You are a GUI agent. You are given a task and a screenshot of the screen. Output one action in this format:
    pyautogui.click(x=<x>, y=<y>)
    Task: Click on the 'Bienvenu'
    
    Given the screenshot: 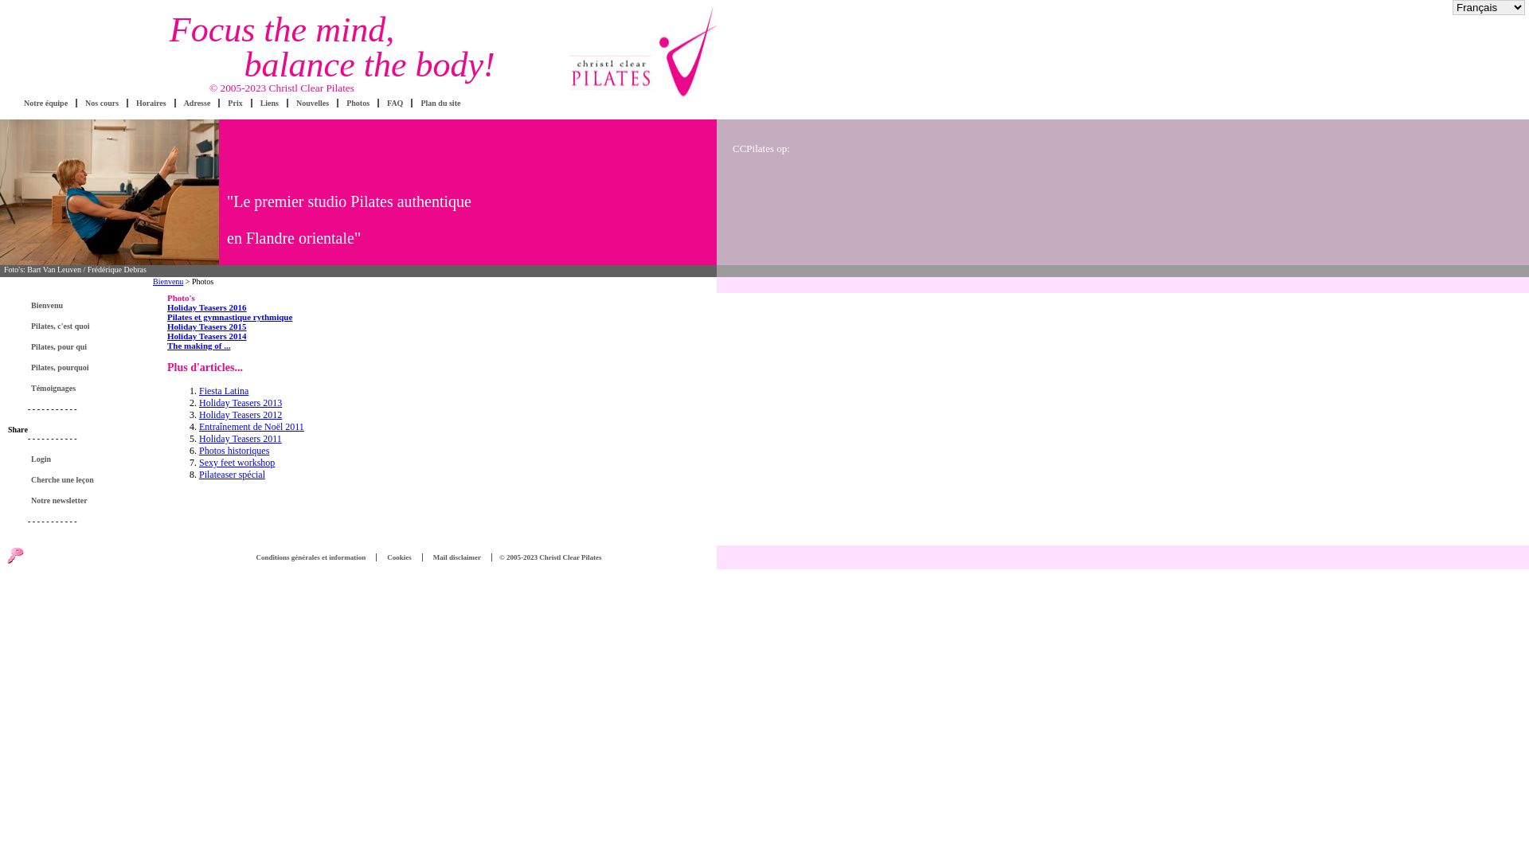 What is the action you would take?
    pyautogui.click(x=46, y=305)
    